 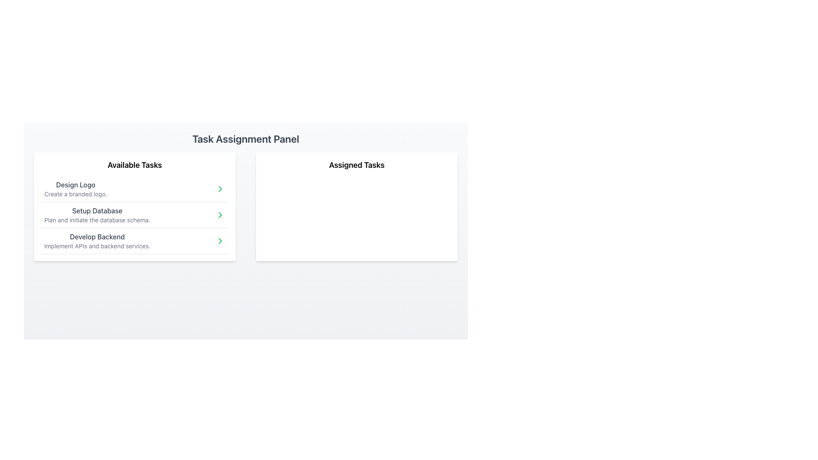 I want to click on the second task item in the 'Available Tasks' section, which represents a selectable task for setting up a database and initiating its schema, so click(x=134, y=215).